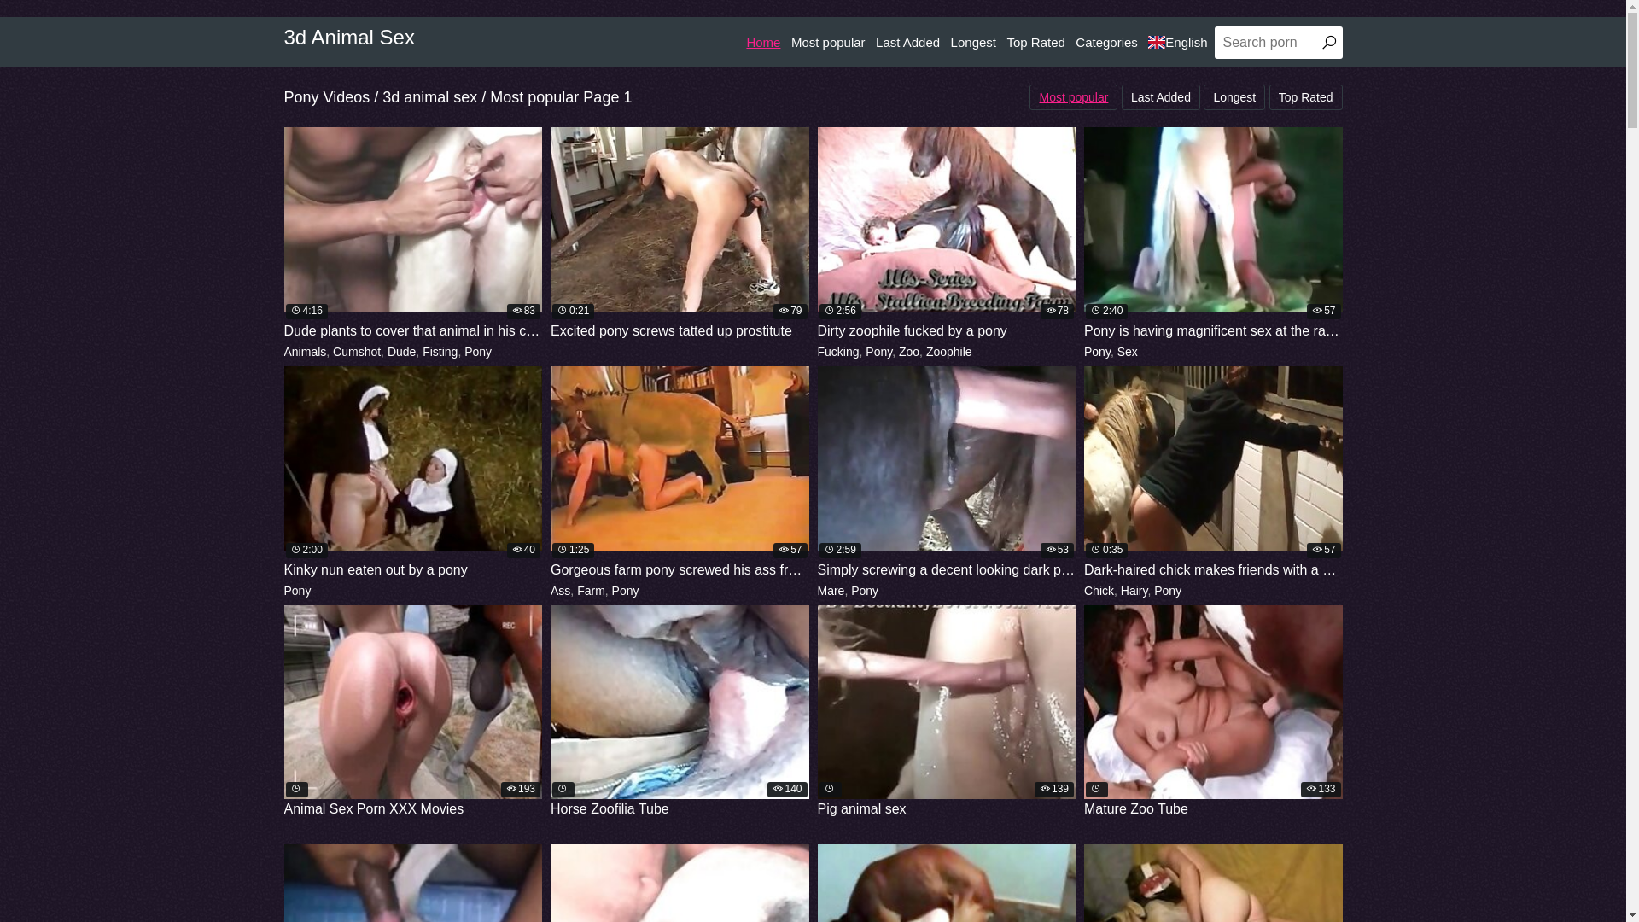 This screenshot has height=922, width=1639. Describe the element at coordinates (1106, 42) in the screenshot. I see `'Categories'` at that location.